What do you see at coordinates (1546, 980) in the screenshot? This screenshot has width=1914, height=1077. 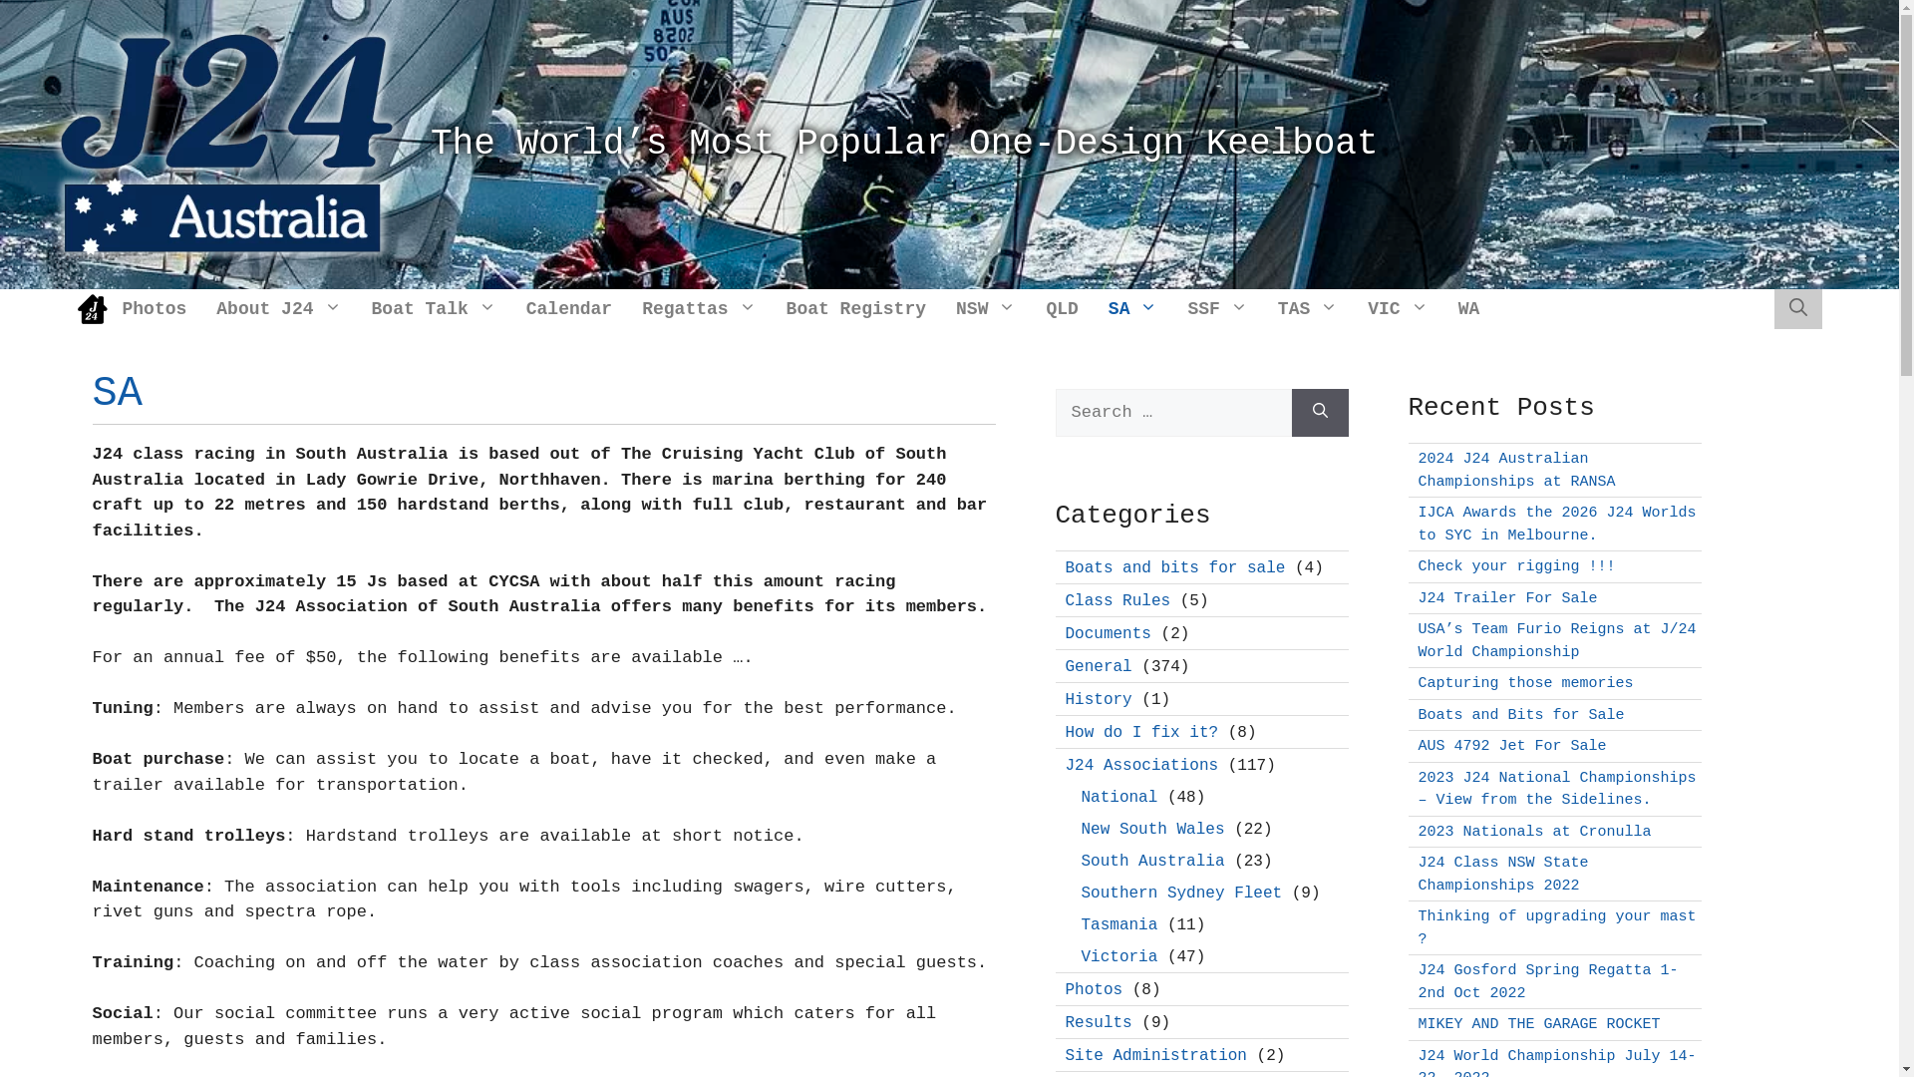 I see `'J24 Gosford Spring Regatta 1-2nd Oct 2022'` at bounding box center [1546, 980].